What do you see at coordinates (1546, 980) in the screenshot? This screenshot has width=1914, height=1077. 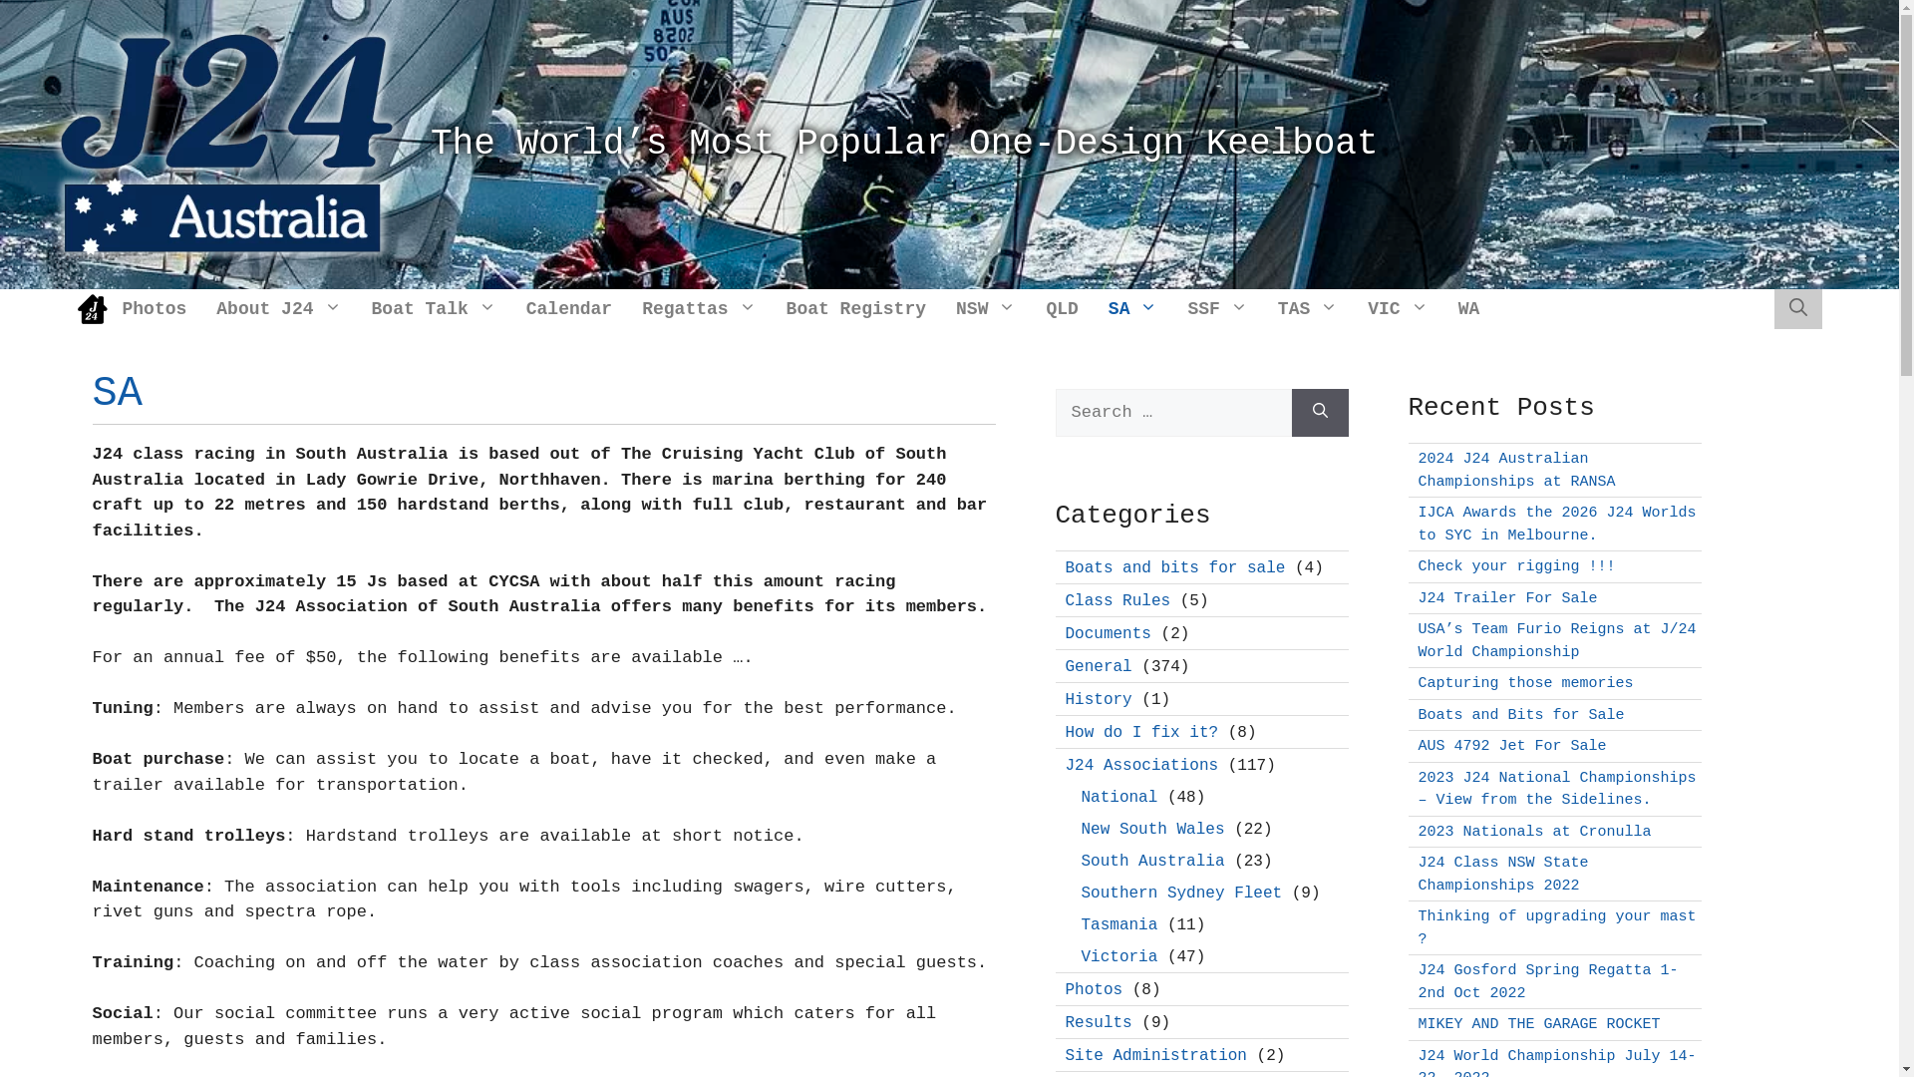 I see `'J24 Gosford Spring Regatta 1-2nd Oct 2022'` at bounding box center [1546, 980].